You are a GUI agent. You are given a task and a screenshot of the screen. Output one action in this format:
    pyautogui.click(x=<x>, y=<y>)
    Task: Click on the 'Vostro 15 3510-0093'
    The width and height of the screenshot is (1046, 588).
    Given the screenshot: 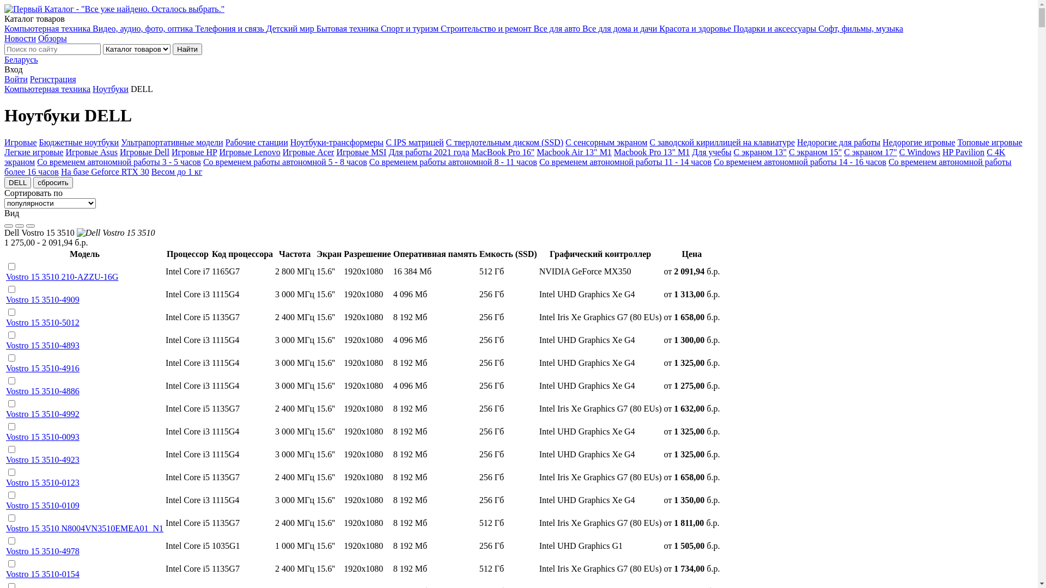 What is the action you would take?
    pyautogui.click(x=5, y=436)
    